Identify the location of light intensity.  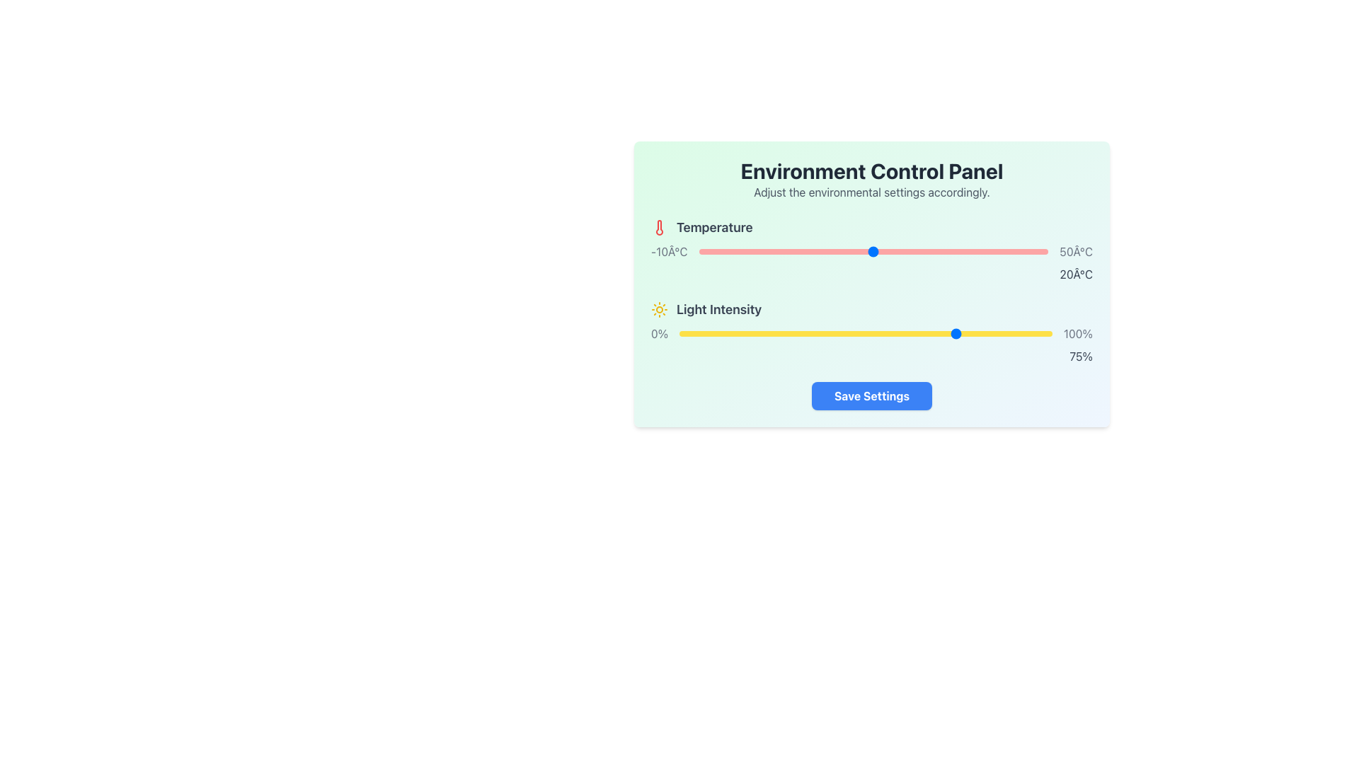
(999, 333).